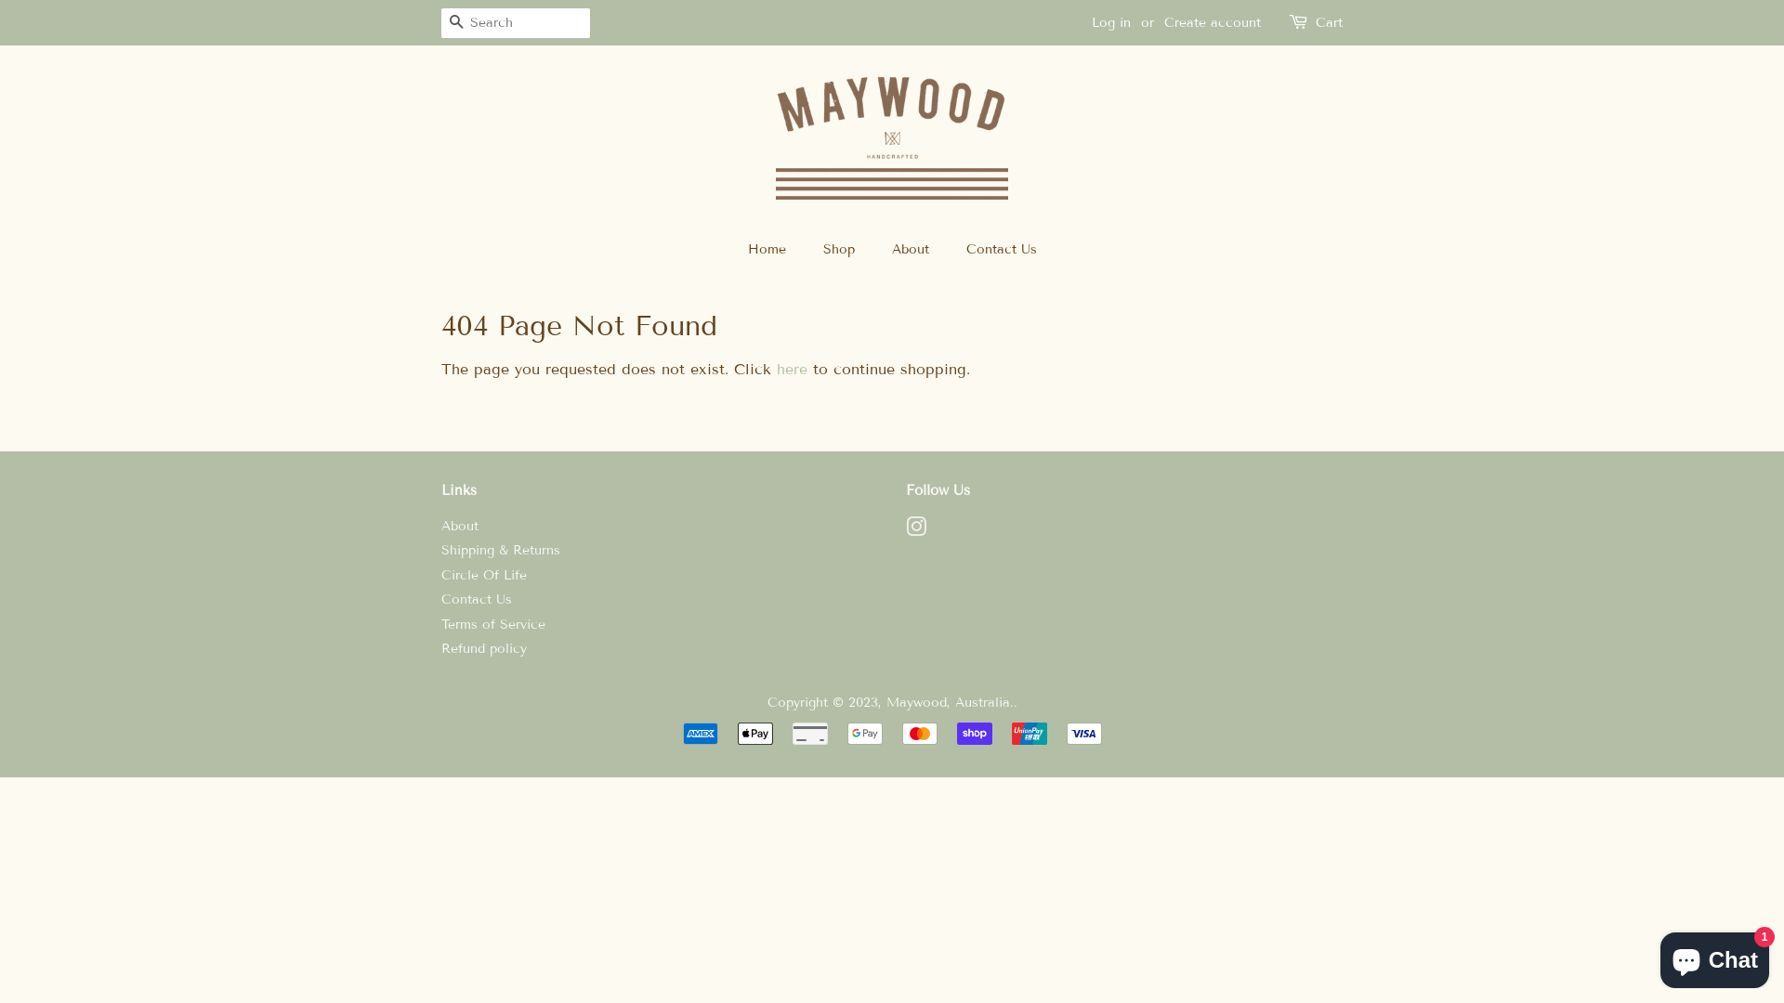 The height and width of the screenshot is (1003, 1784). Describe the element at coordinates (1213, 22) in the screenshot. I see `'Create account'` at that location.